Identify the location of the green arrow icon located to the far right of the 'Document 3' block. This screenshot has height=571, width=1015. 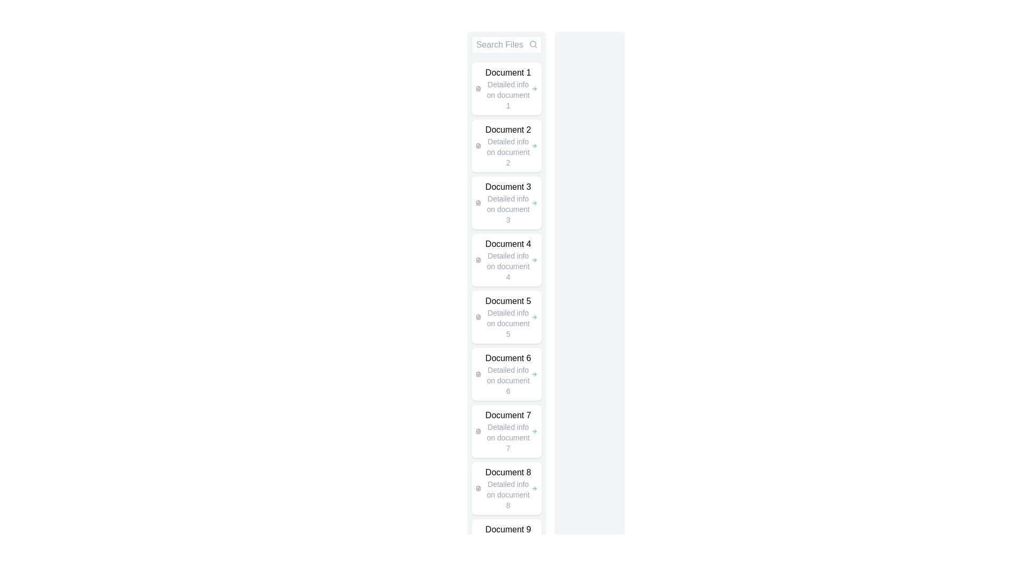
(534, 203).